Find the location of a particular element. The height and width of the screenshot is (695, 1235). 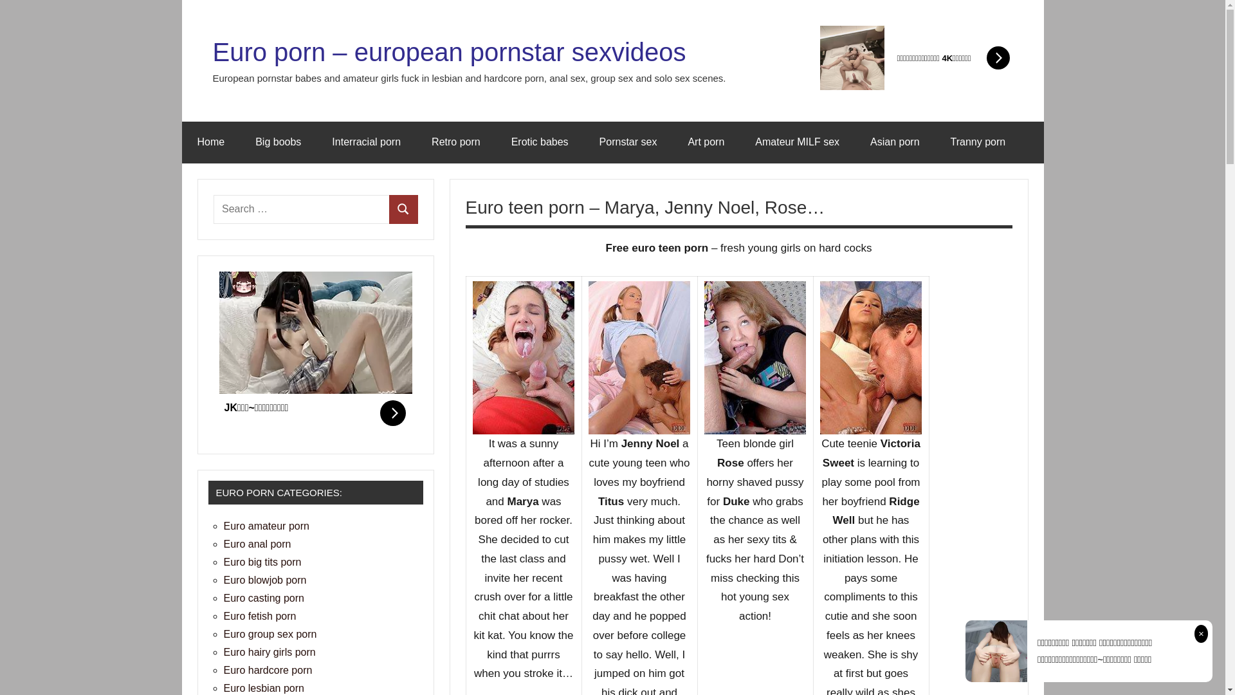

'Euro blowjob porn' is located at coordinates (264, 580).